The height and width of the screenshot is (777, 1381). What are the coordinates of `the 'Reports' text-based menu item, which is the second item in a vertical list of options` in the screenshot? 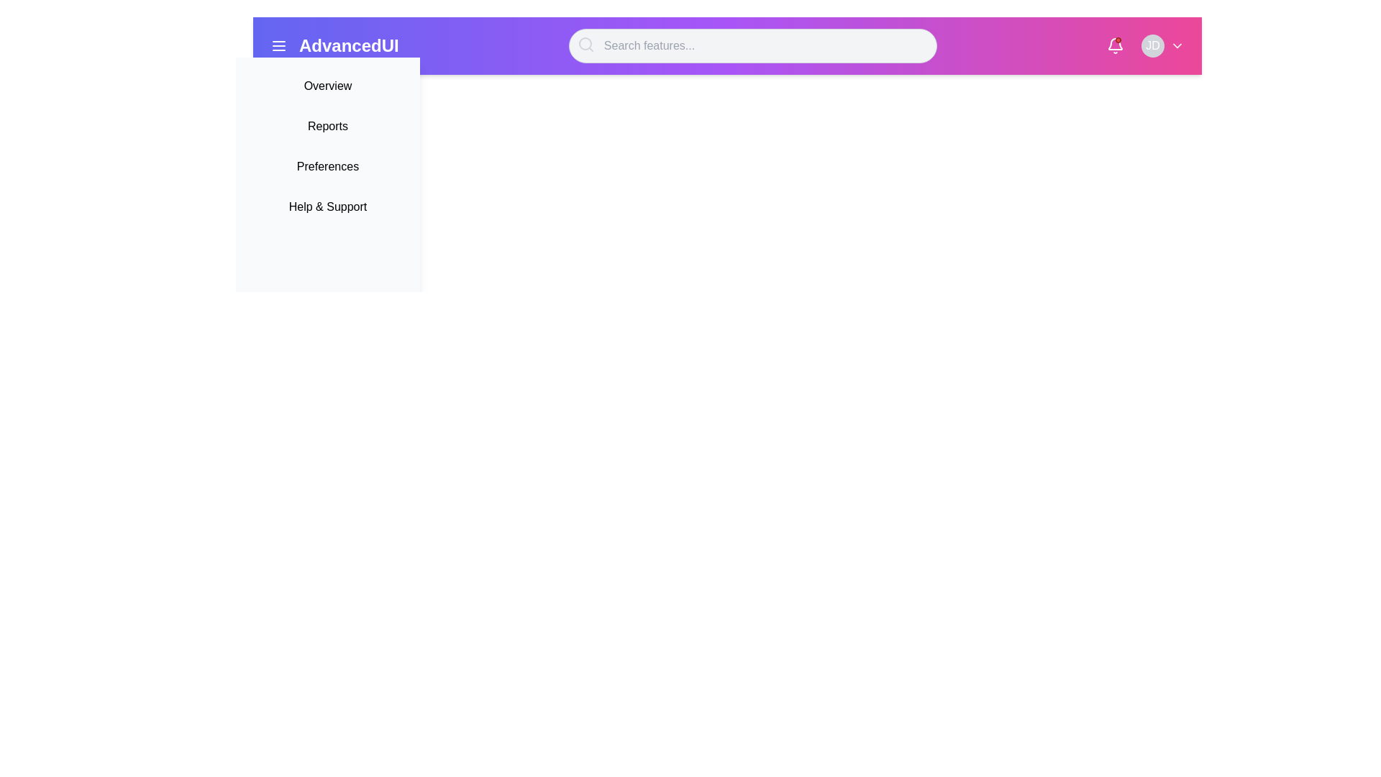 It's located at (327, 126).